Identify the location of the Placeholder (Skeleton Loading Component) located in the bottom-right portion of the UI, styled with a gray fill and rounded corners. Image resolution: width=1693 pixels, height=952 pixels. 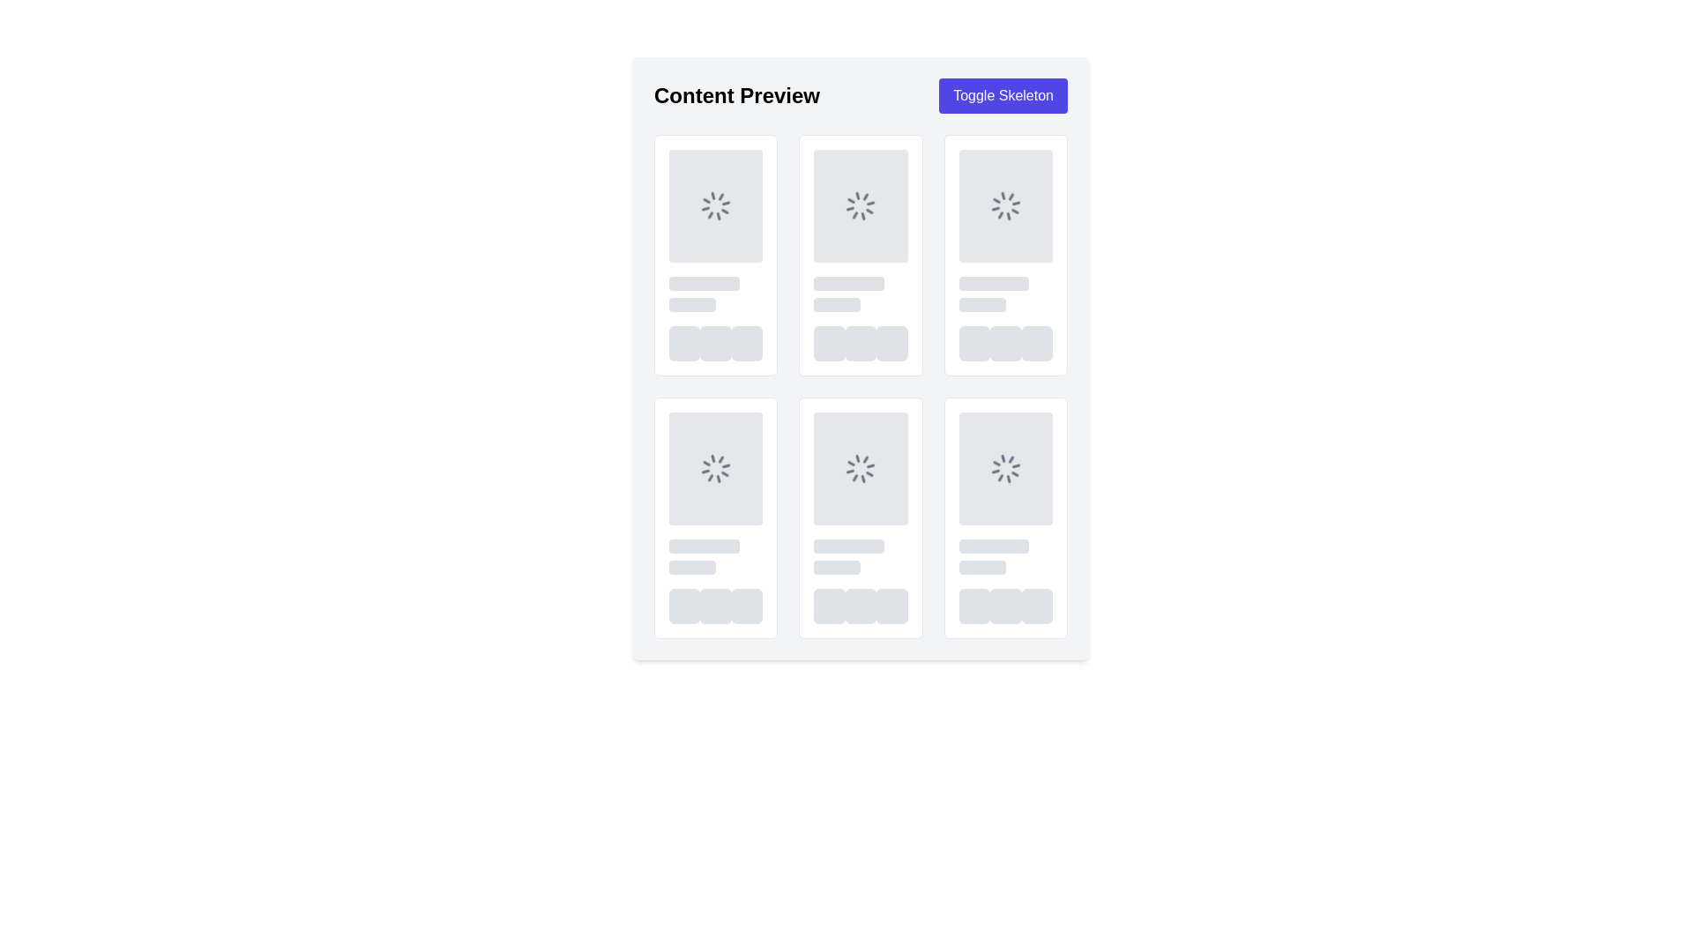
(981, 568).